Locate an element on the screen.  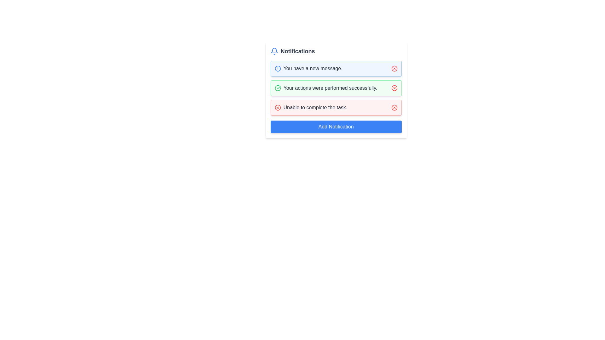
text from the 'Notifications' label, which is a bold and large textual element displayed in dark gray, located at the top section of the user interface module, to the right of a blue bell icon is located at coordinates (297, 51).